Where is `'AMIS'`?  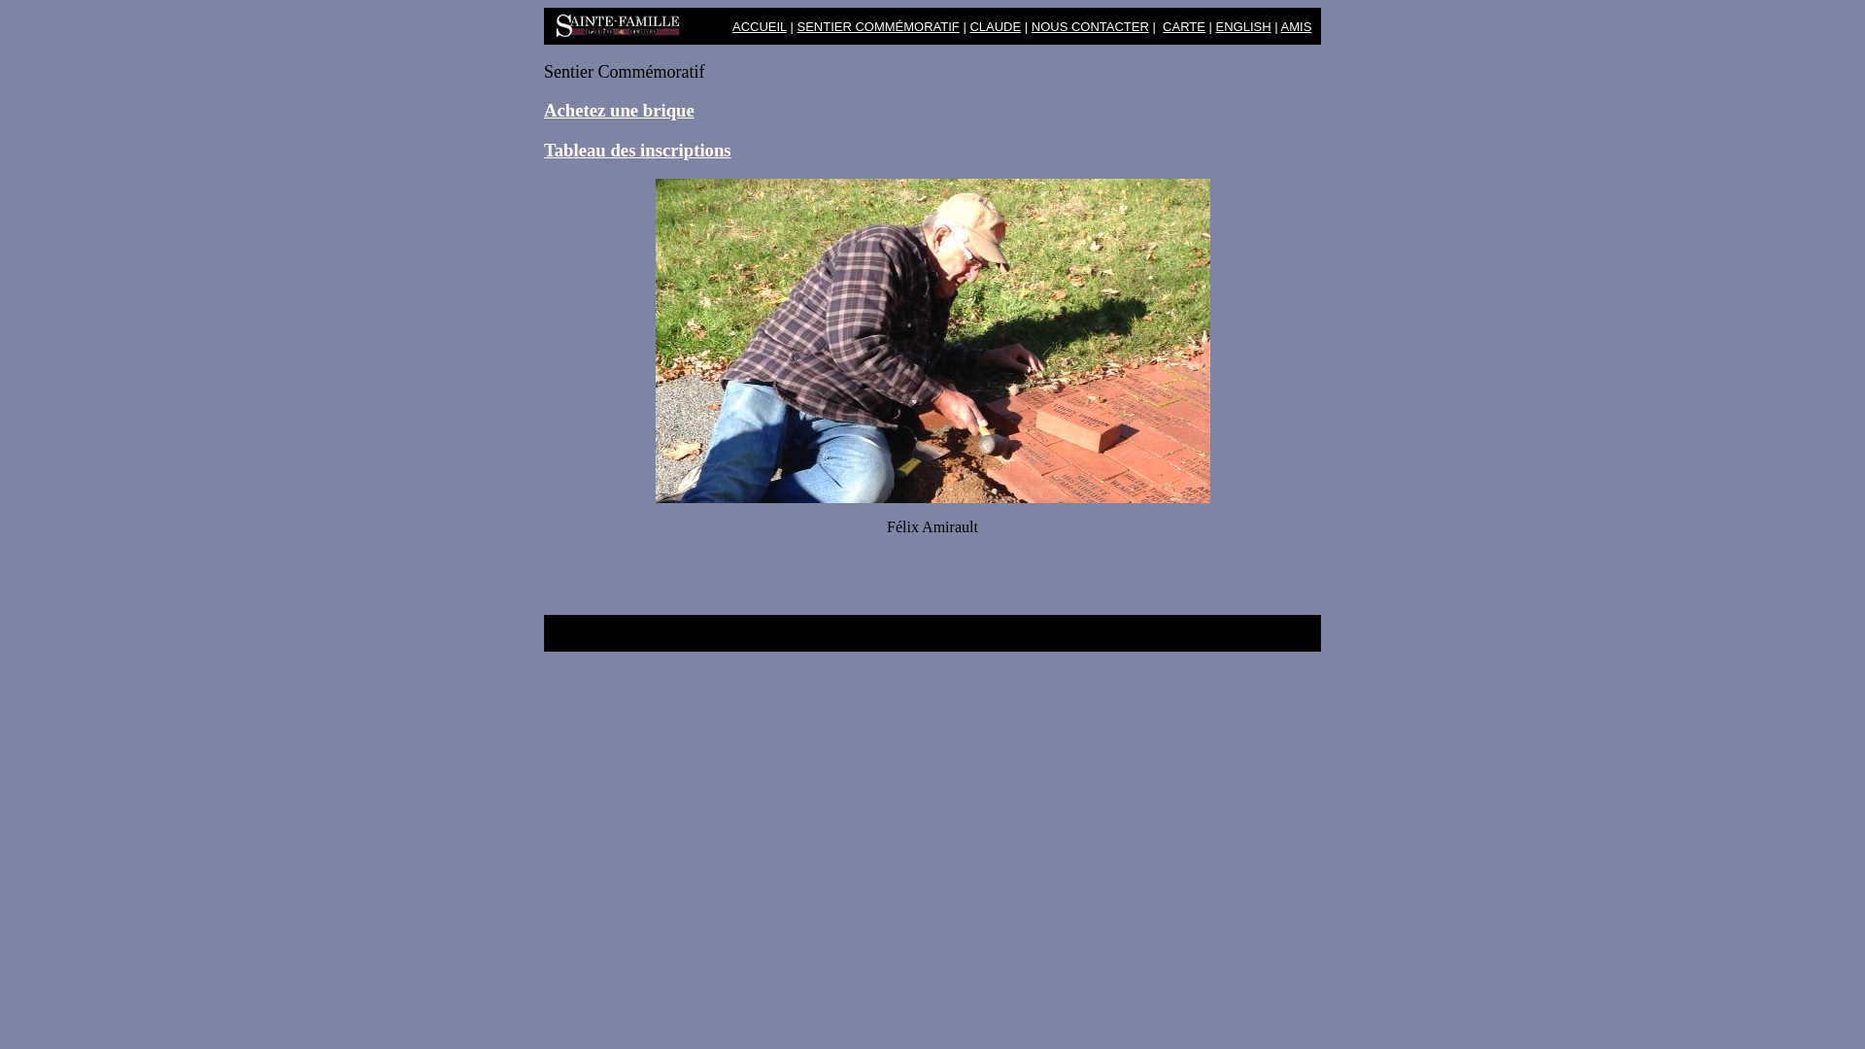 'AMIS' is located at coordinates (1296, 26).